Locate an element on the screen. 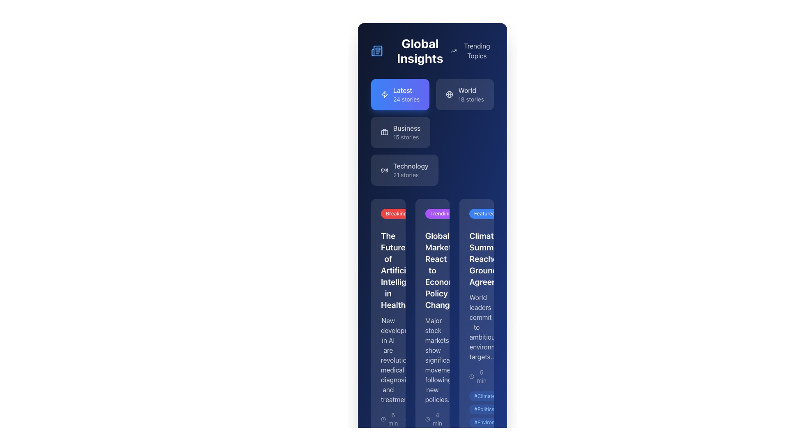 The image size is (789, 444). the static text label that displays the estimated reading time for the associated article, located in the bottom section of the third vertical column under the 'Featured' label is located at coordinates (482, 376).